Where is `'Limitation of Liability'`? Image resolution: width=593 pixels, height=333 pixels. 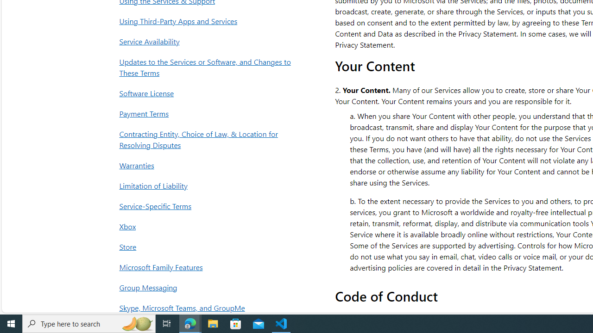
'Limitation of Liability' is located at coordinates (207, 185).